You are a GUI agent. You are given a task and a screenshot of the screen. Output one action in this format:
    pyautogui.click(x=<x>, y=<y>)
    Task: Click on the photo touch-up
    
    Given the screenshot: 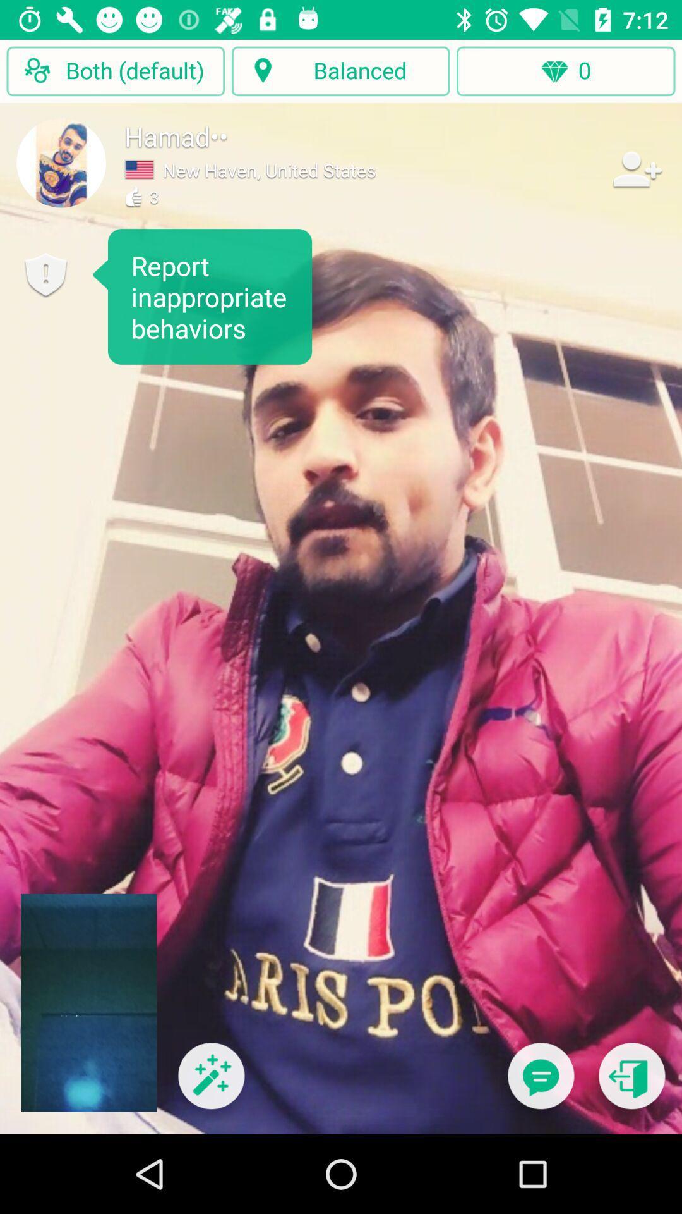 What is the action you would take?
    pyautogui.click(x=210, y=1083)
    